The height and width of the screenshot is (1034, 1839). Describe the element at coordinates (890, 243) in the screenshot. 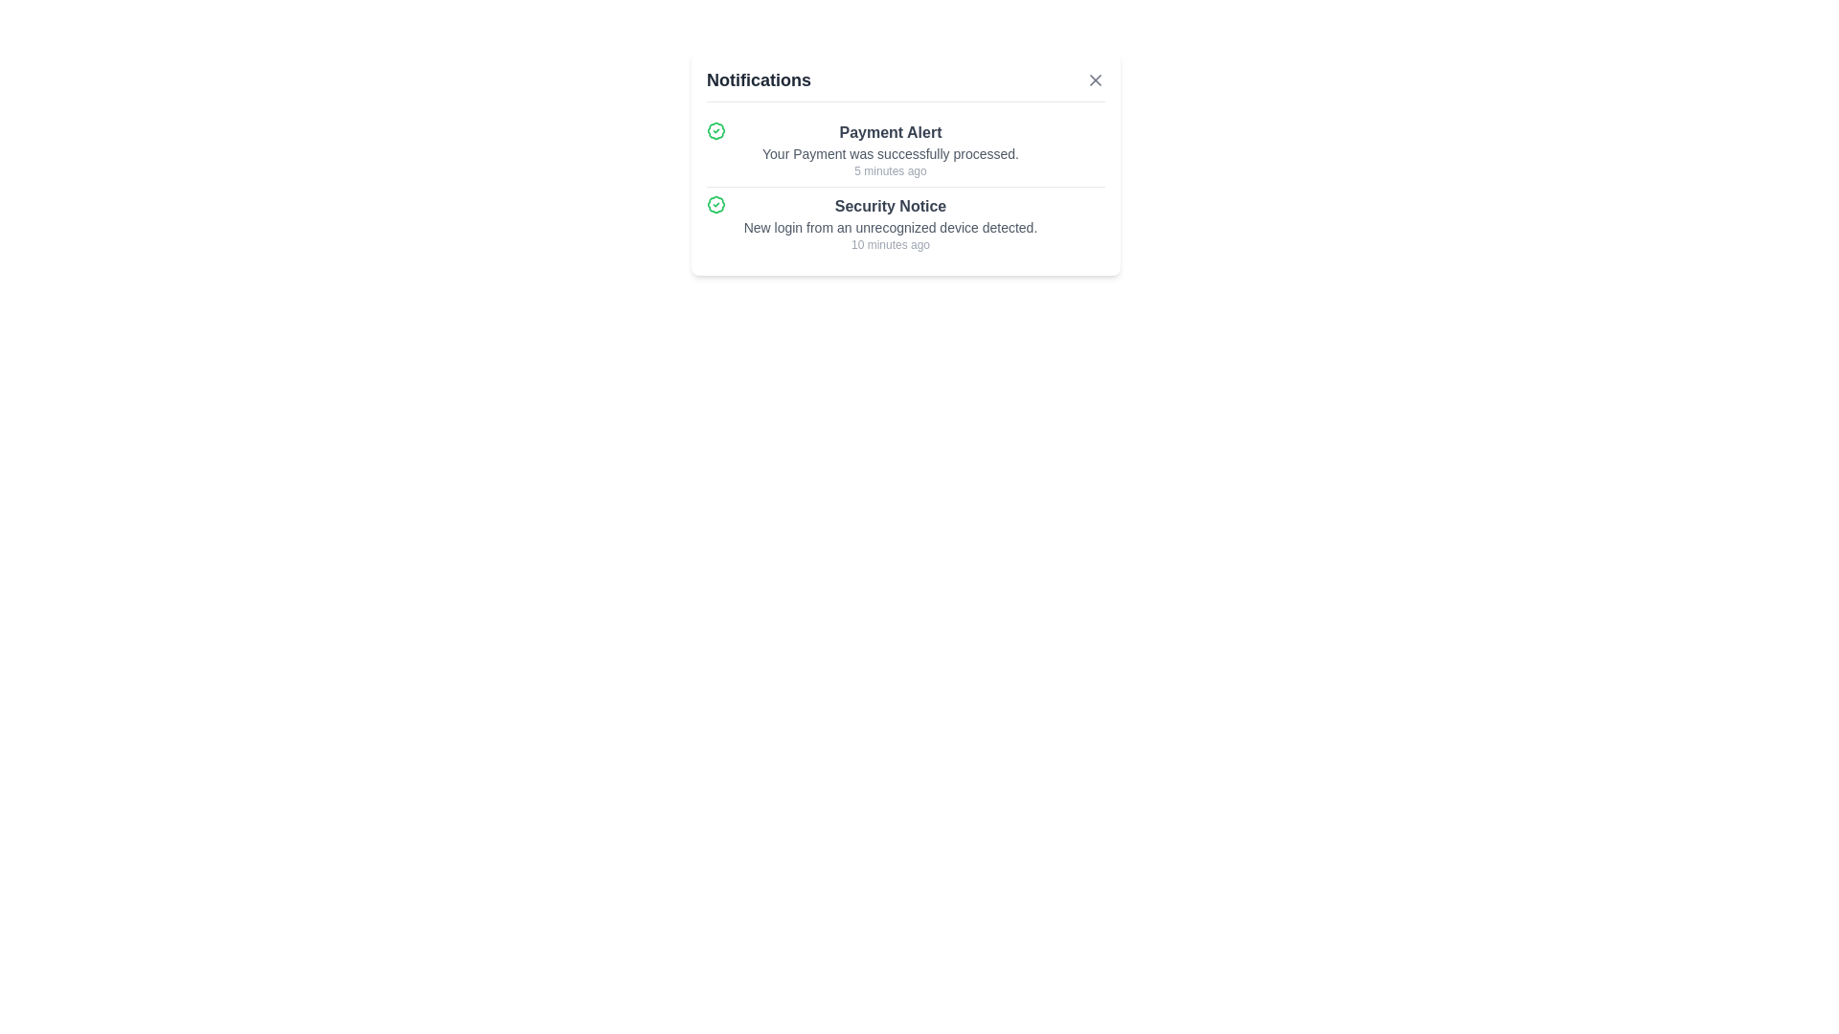

I see `text content of the text label displaying '10 minutes ago', which is styled in light gray and positioned within the notification entry titled 'Security Notice'` at that location.